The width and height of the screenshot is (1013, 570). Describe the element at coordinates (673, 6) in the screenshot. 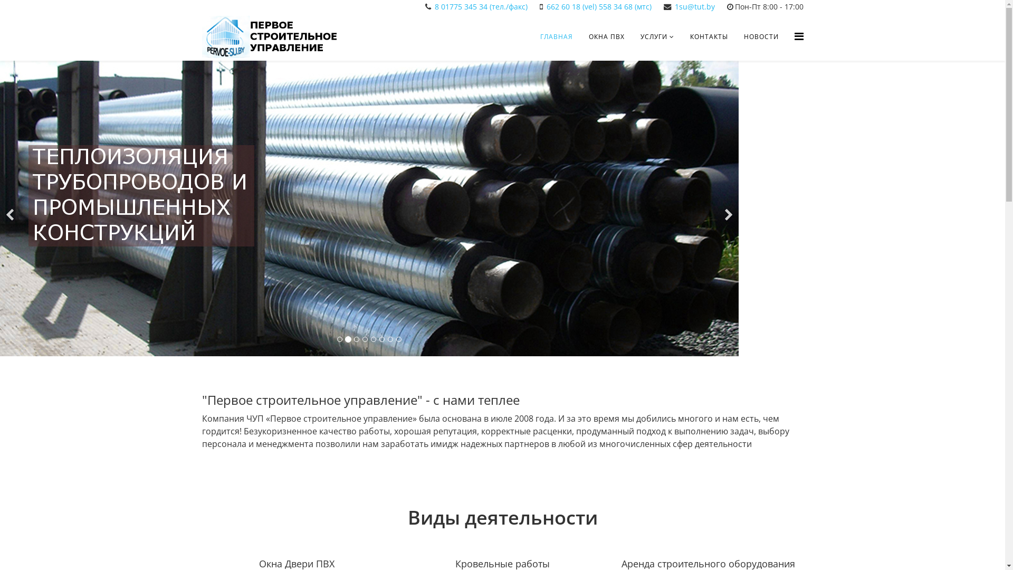

I see `'1su@tut.by'` at that location.